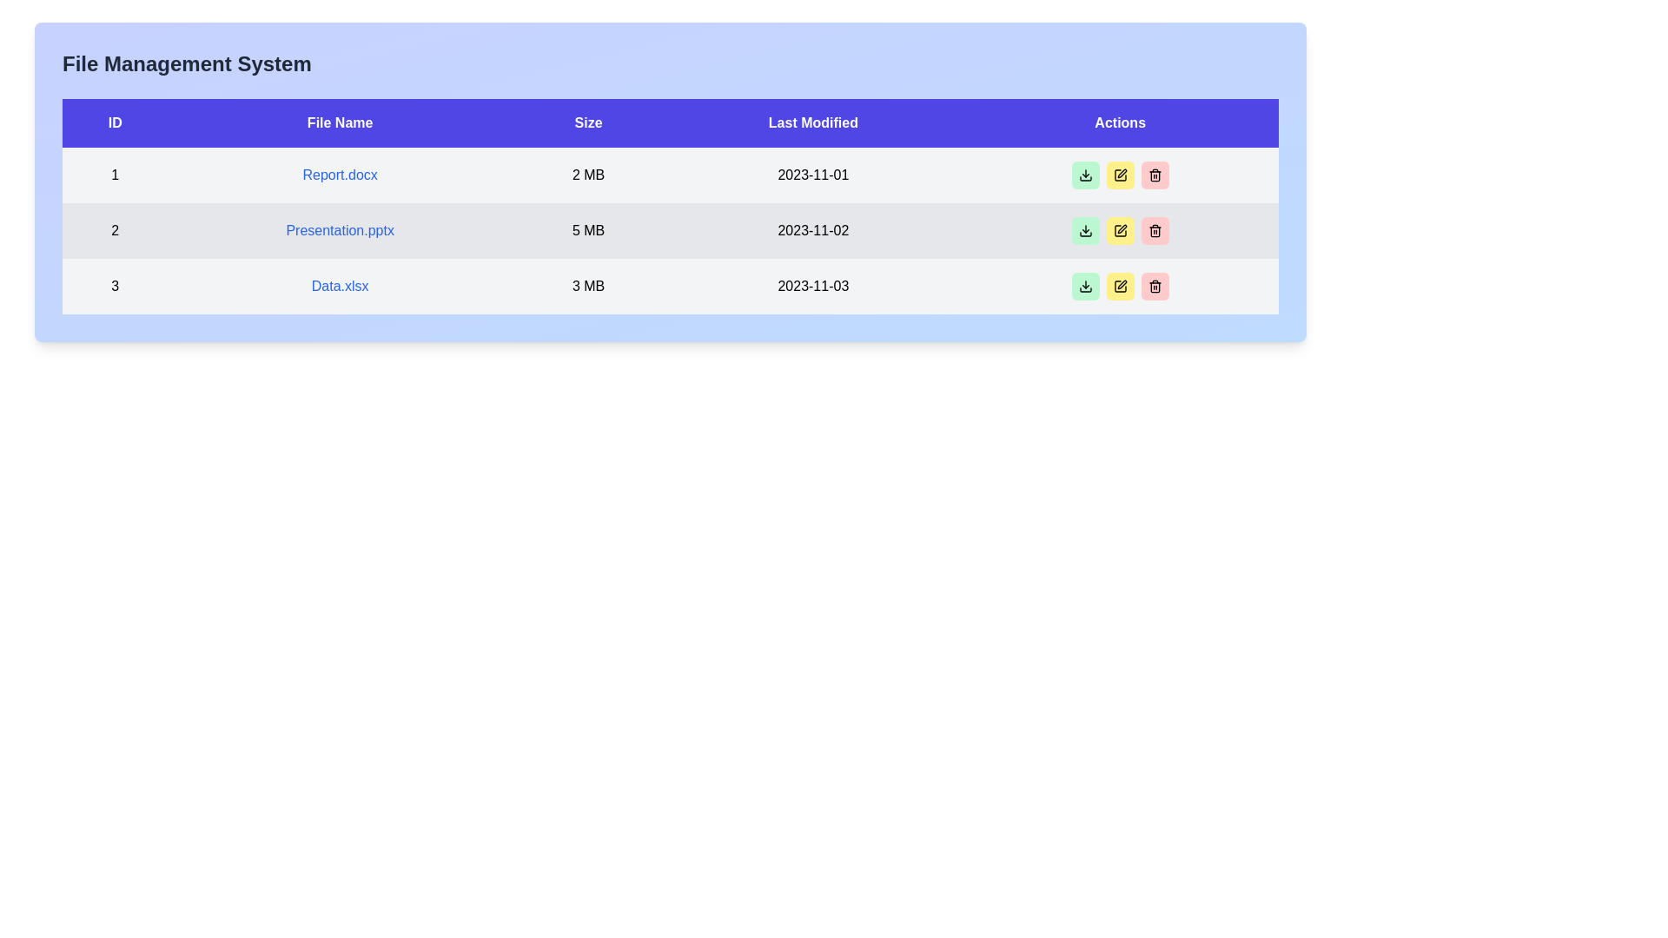  Describe the element at coordinates (340, 230) in the screenshot. I see `the hyperlink for the file 'Presentation.pptx', which is the second entry under the 'File Name' column in the table row labeled with ID '2'` at that location.